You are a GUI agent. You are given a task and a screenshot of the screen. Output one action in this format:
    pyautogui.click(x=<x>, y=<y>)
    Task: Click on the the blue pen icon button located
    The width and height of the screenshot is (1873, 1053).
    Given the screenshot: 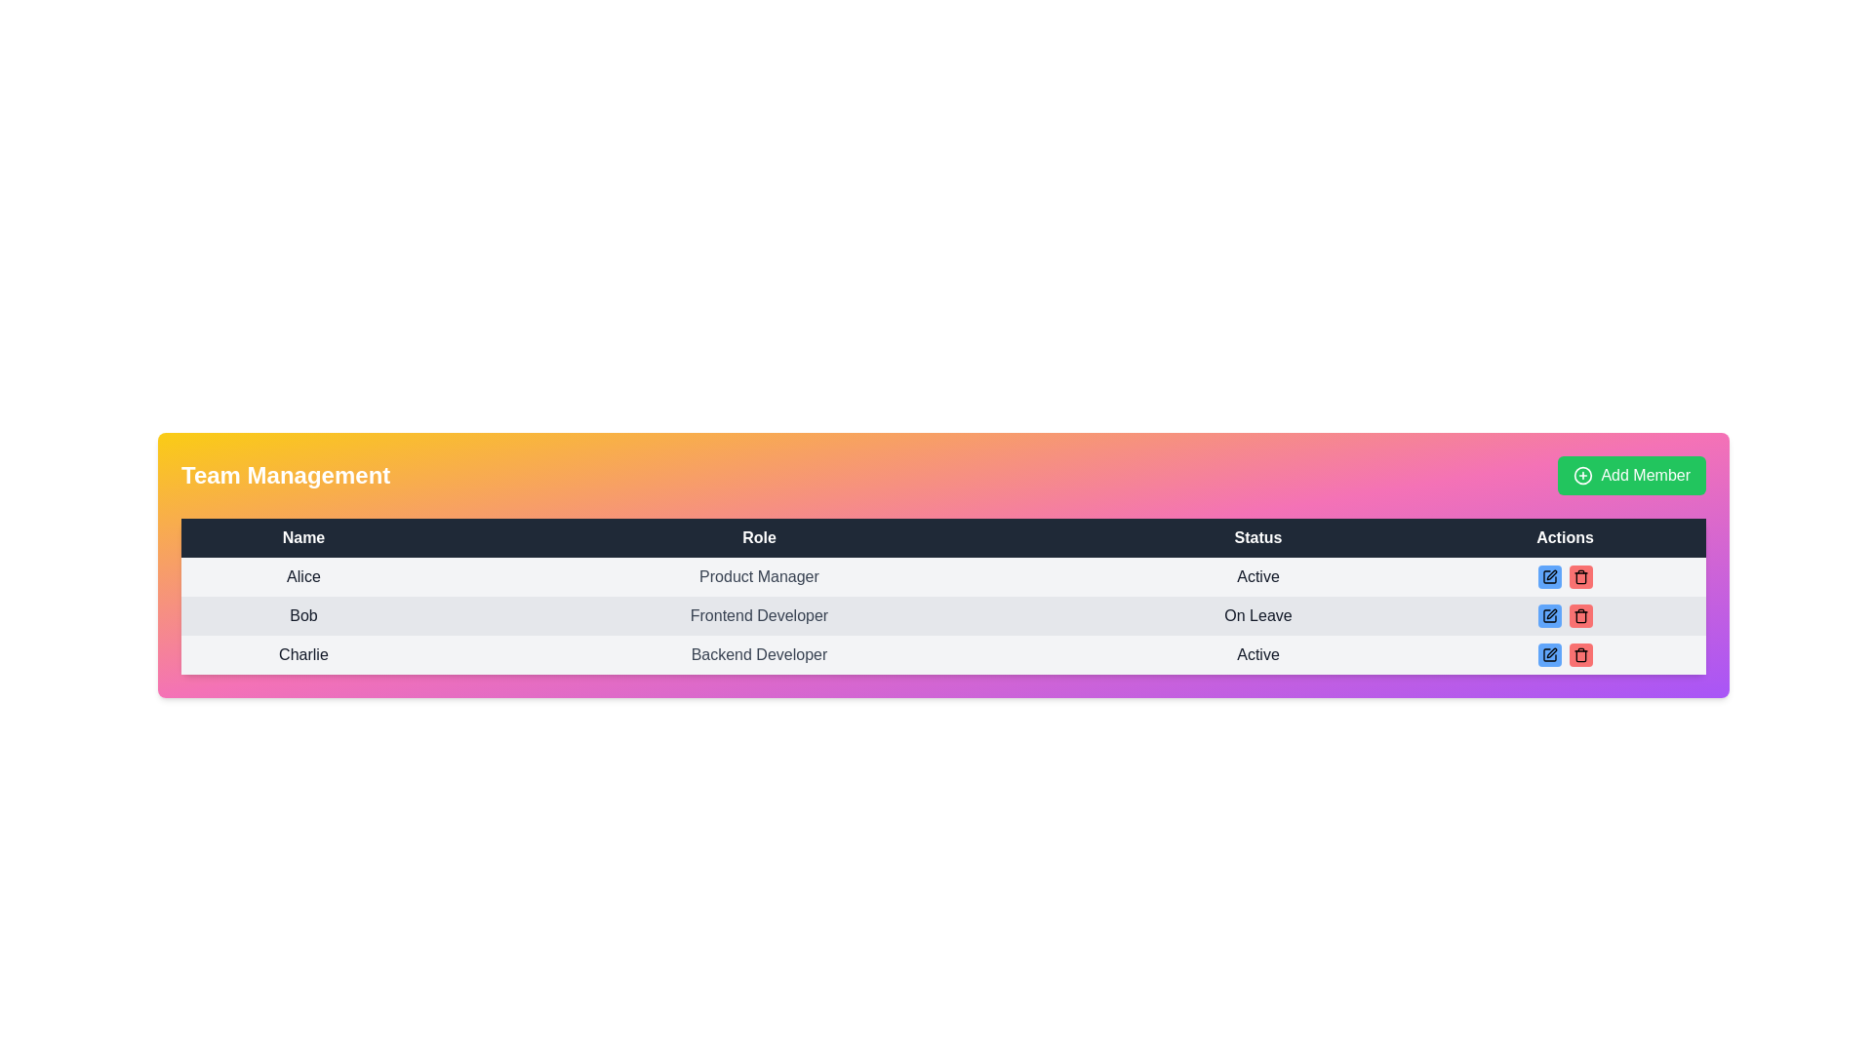 What is the action you would take?
    pyautogui.click(x=1548, y=575)
    